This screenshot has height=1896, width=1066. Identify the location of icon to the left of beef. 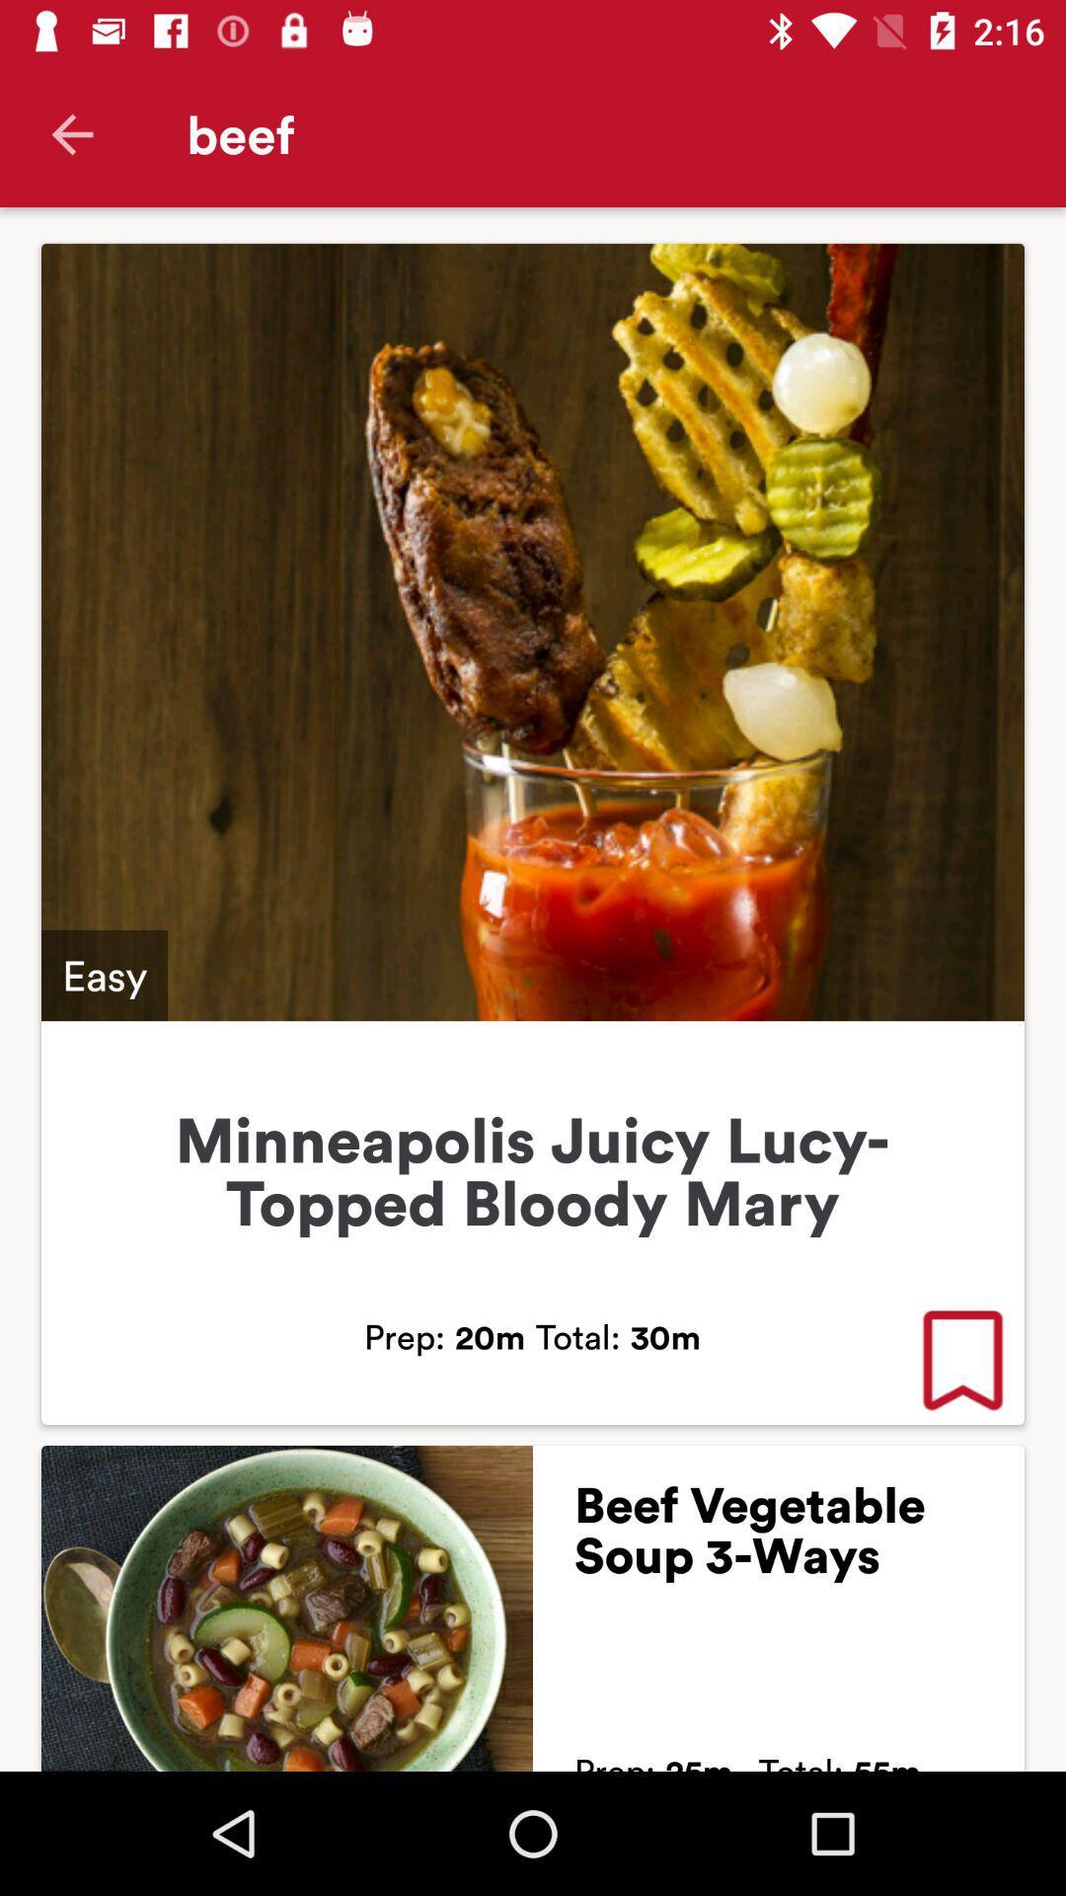
(71, 133).